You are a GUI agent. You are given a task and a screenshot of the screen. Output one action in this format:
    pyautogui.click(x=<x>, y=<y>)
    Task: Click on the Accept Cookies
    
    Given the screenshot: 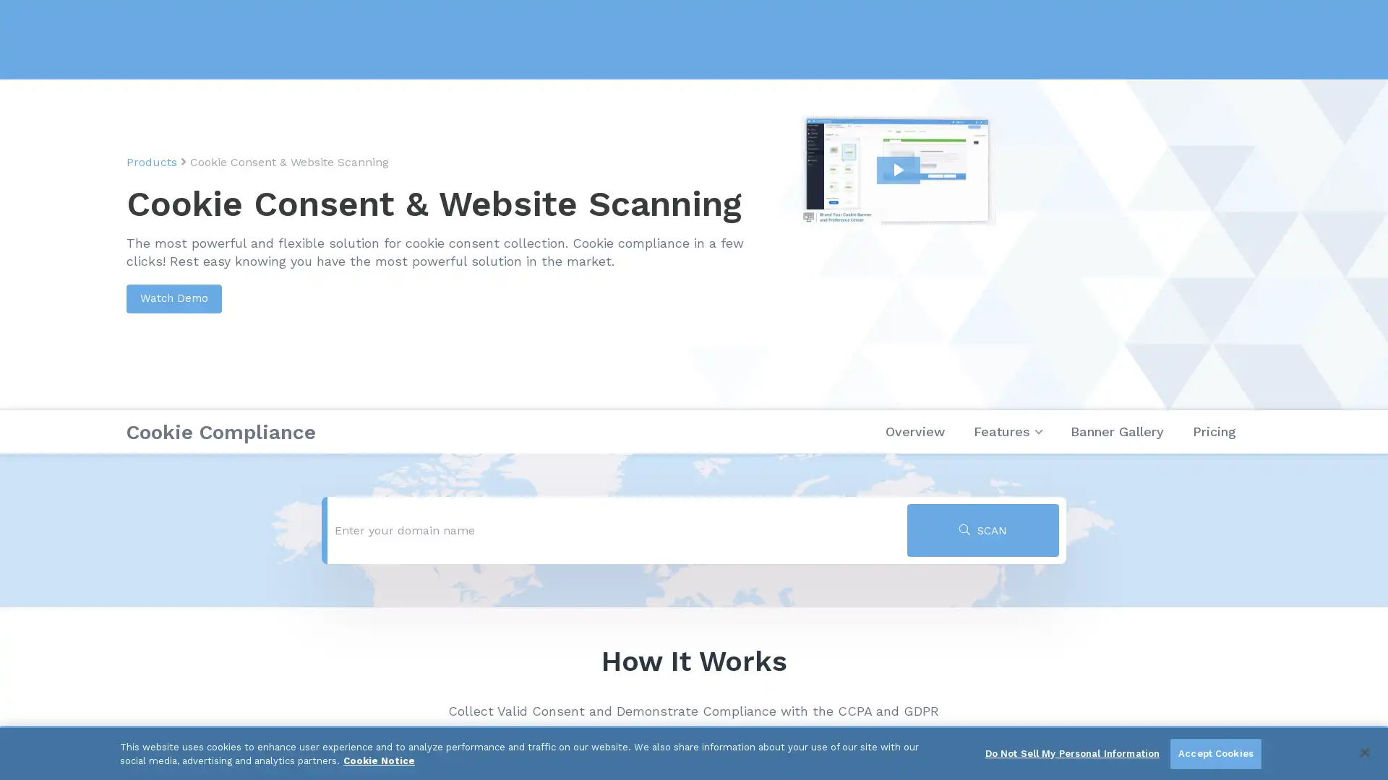 What is the action you would take?
    pyautogui.click(x=1214, y=753)
    